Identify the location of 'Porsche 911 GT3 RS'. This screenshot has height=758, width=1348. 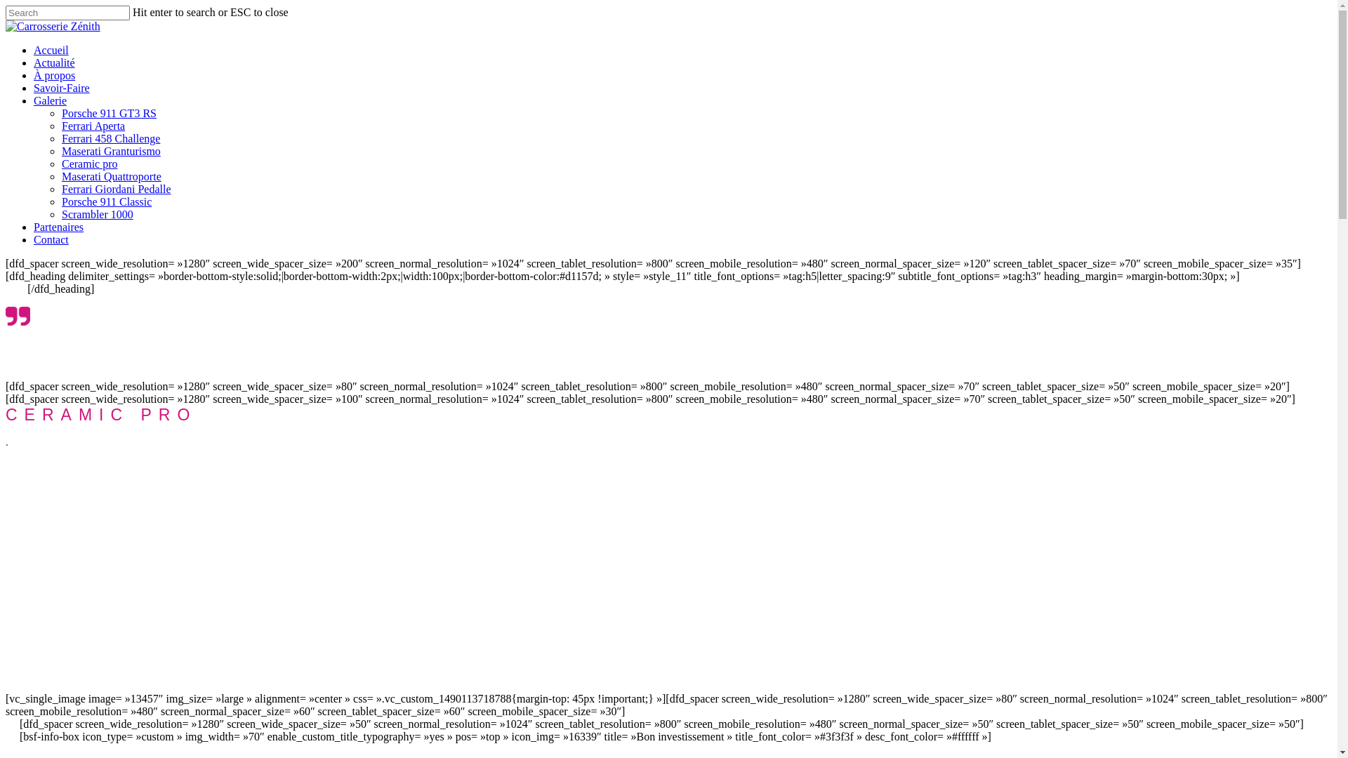
(60, 112).